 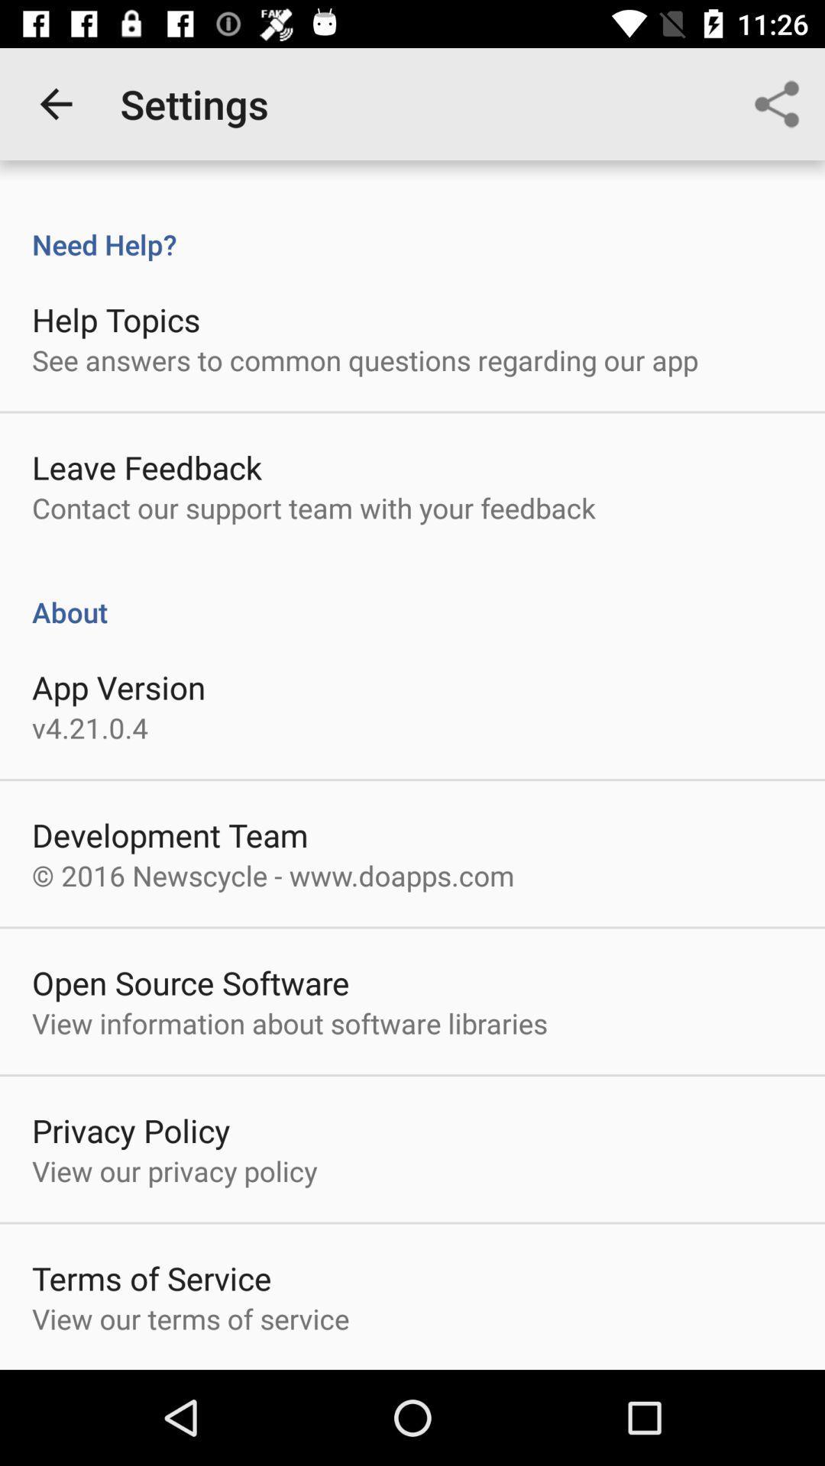 What do you see at coordinates (777, 103) in the screenshot?
I see `icon at the top right corner` at bounding box center [777, 103].